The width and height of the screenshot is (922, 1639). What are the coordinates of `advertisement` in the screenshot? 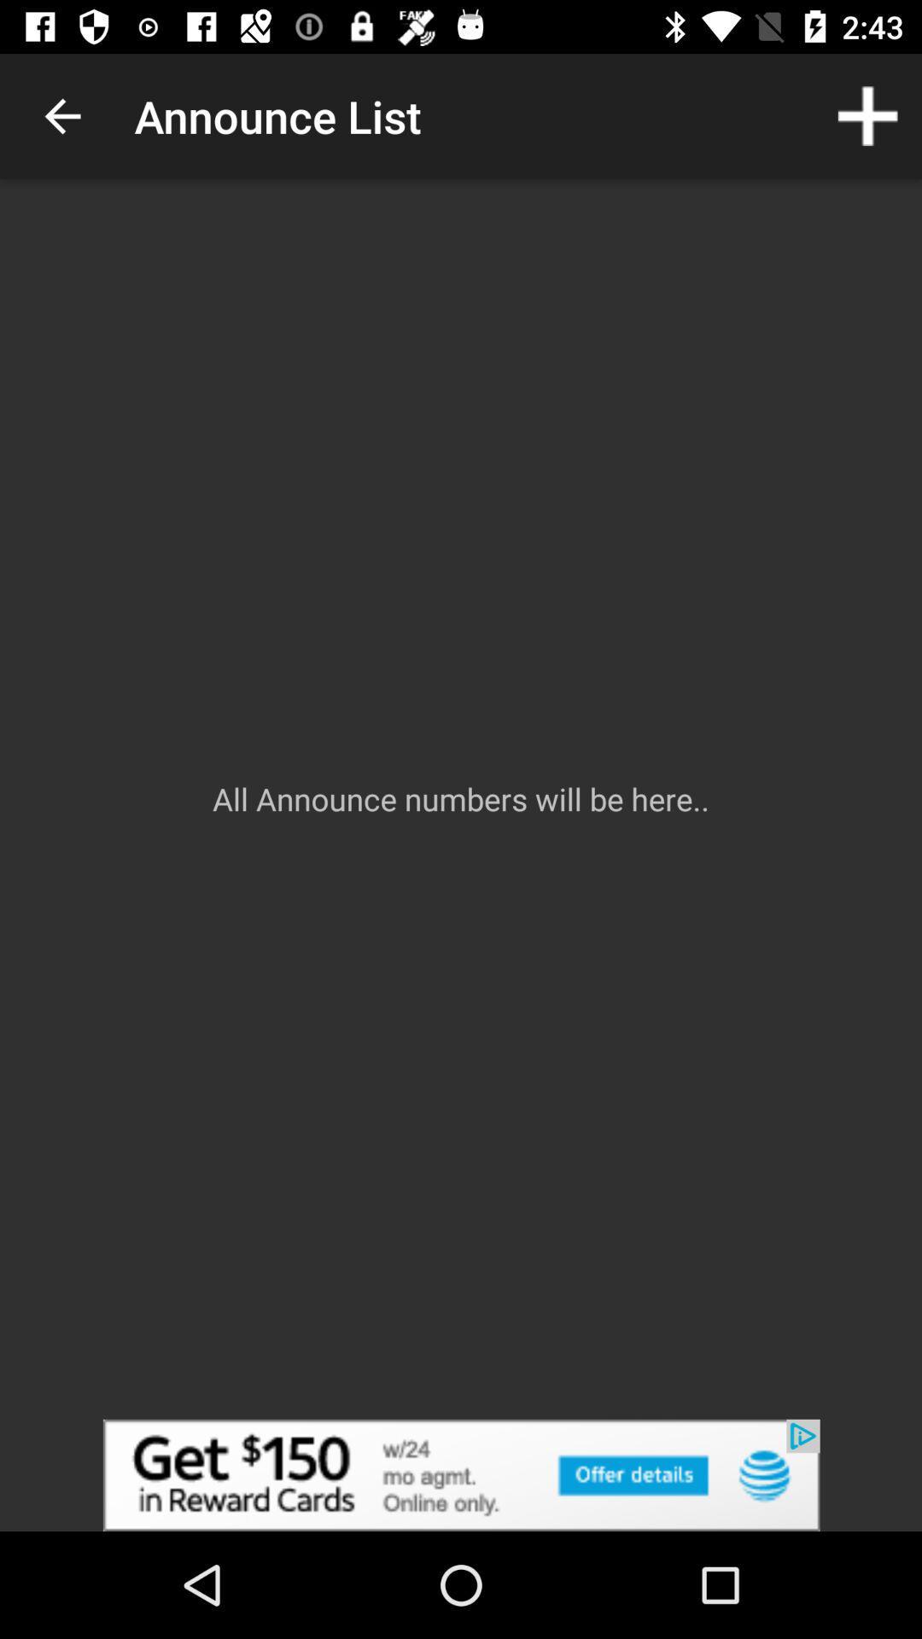 It's located at (461, 1474).